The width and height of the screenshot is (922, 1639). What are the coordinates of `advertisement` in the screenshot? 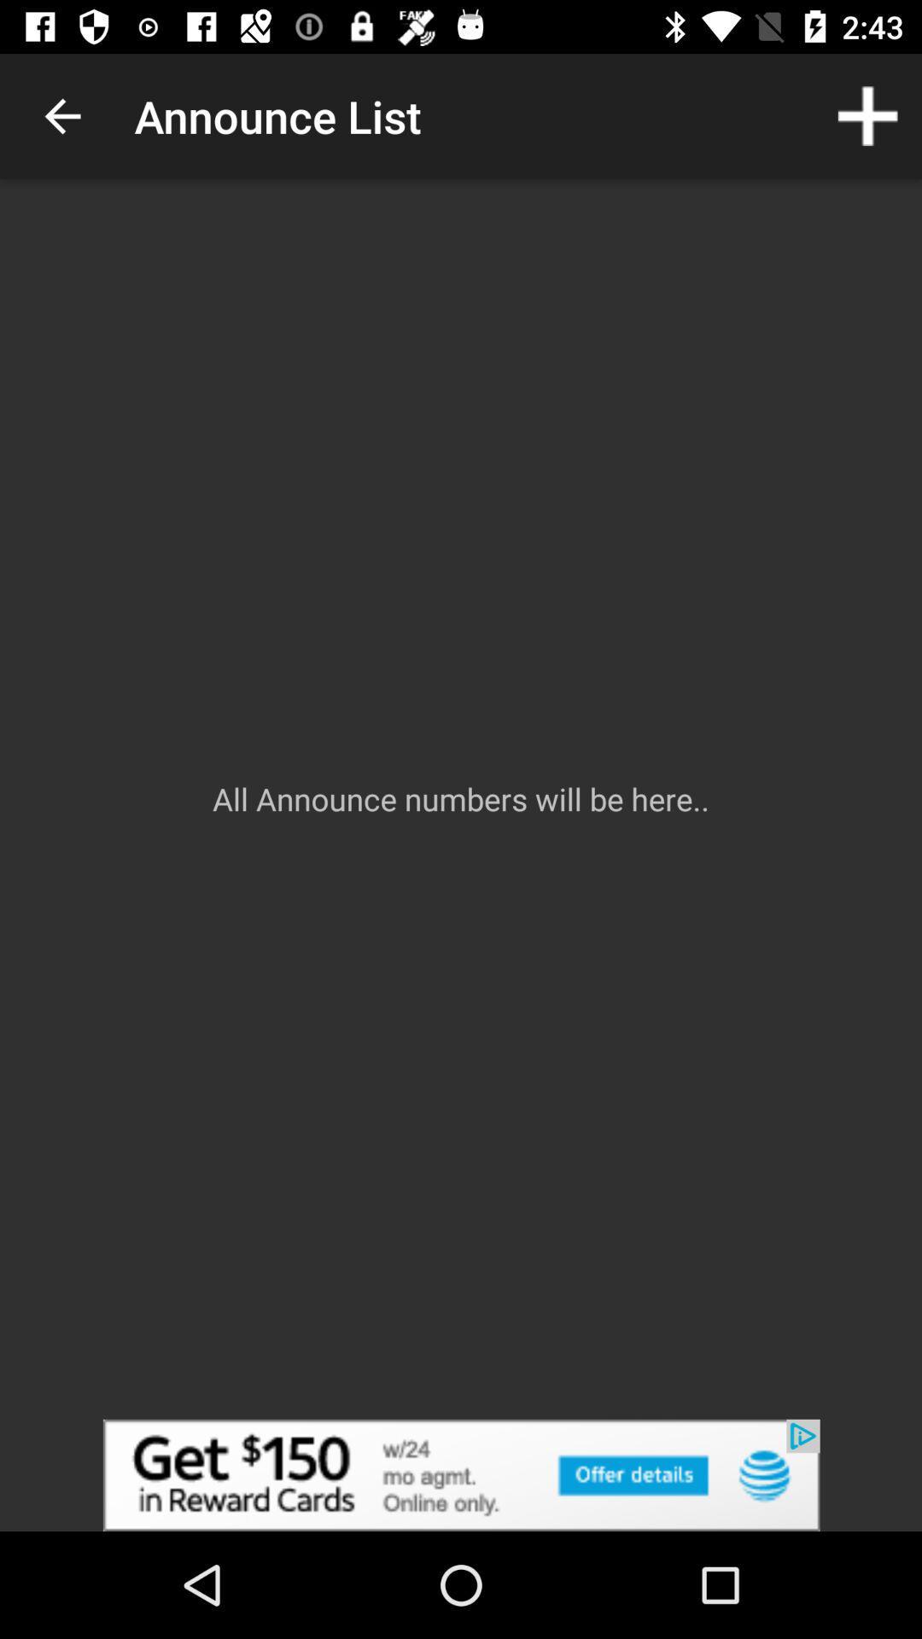 It's located at (461, 1474).